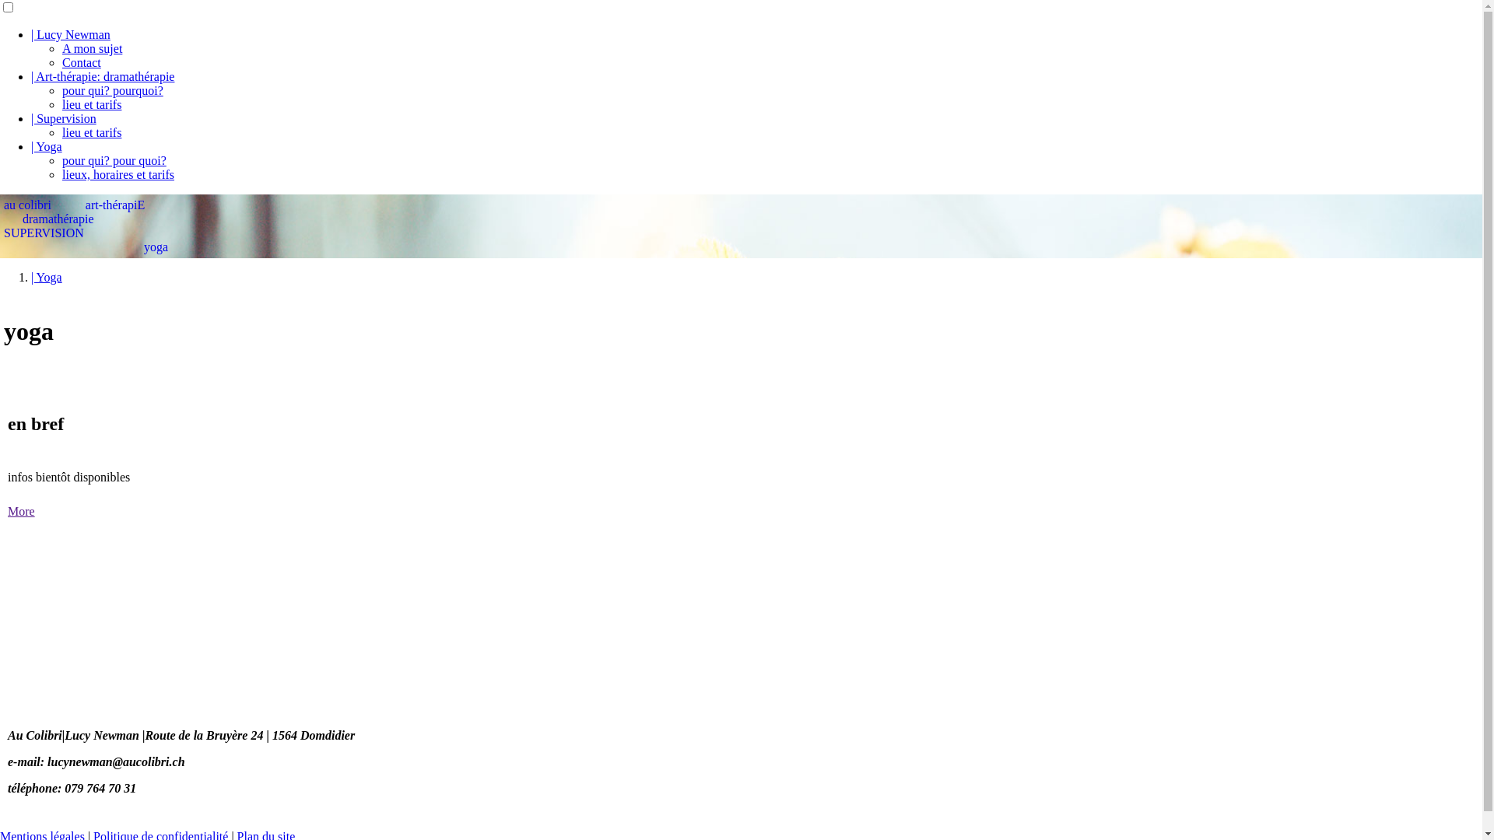 This screenshot has width=1494, height=840. Describe the element at coordinates (117, 174) in the screenshot. I see `'lieux, horaires et tarifs'` at that location.